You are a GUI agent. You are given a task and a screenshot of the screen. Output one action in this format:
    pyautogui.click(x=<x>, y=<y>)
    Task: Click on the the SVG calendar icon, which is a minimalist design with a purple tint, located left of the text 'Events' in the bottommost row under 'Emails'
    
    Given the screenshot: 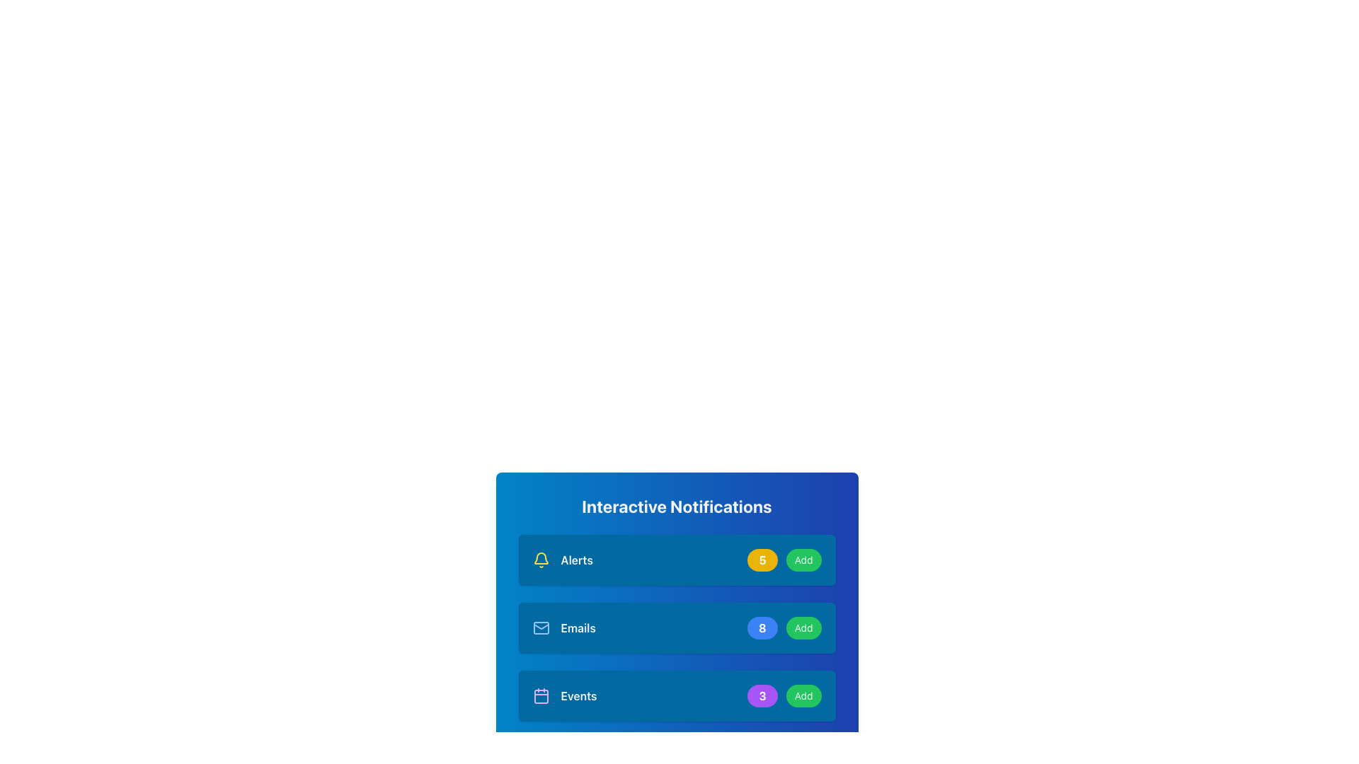 What is the action you would take?
    pyautogui.click(x=540, y=695)
    